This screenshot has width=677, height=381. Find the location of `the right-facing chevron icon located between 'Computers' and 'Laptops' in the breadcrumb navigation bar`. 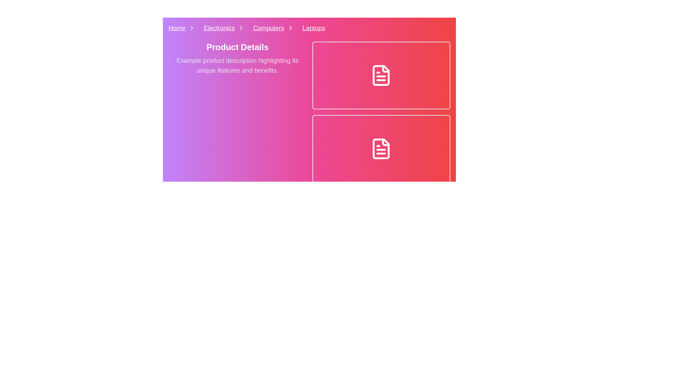

the right-facing chevron icon located between 'Computers' and 'Laptops' in the breadcrumb navigation bar is located at coordinates (291, 28).